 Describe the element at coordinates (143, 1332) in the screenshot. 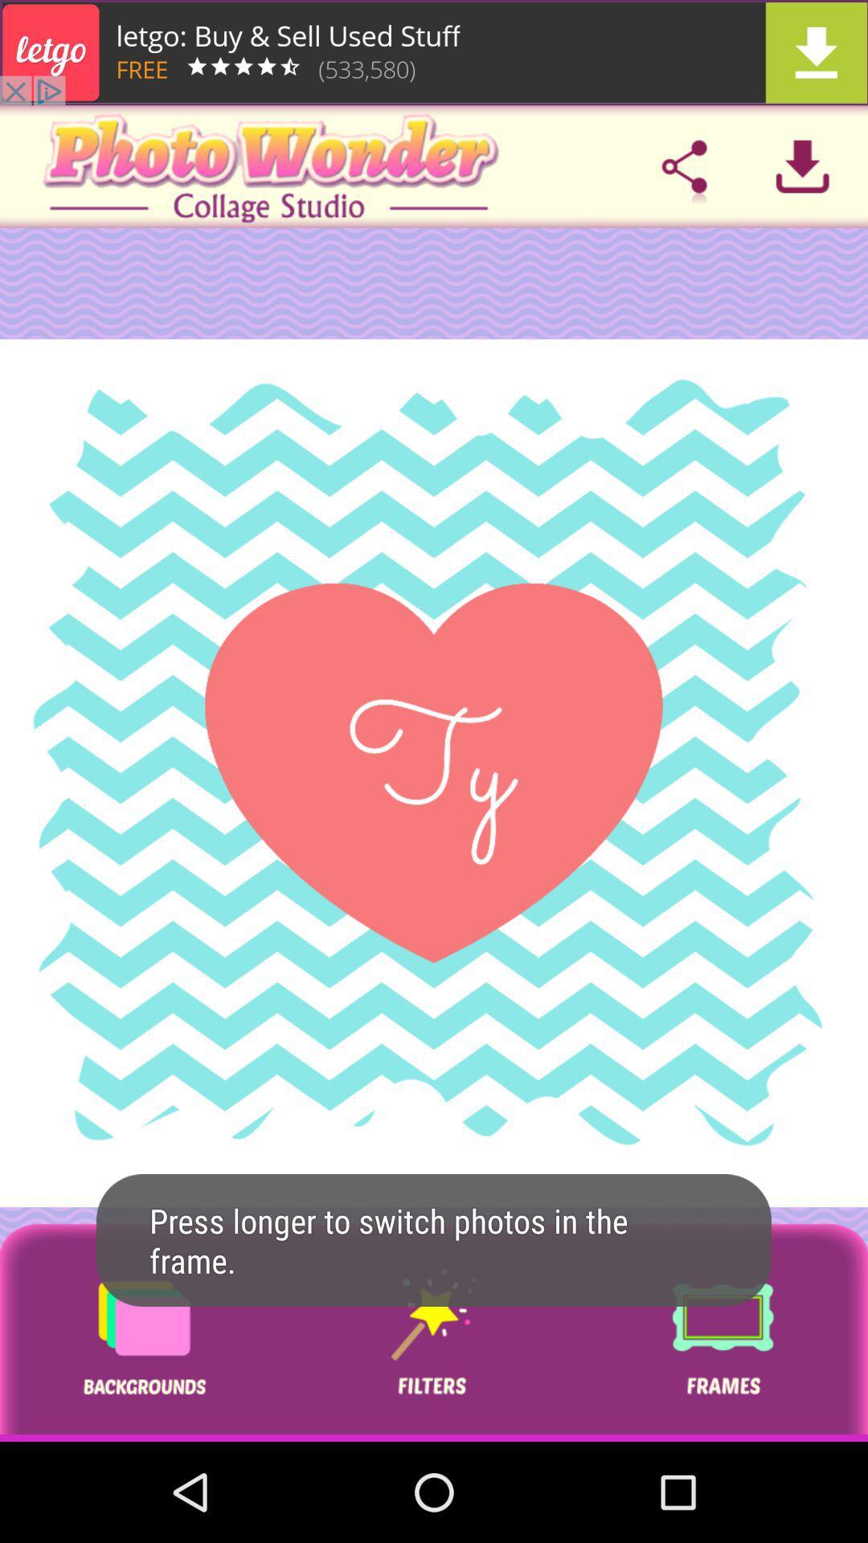

I see `background patterns` at that location.